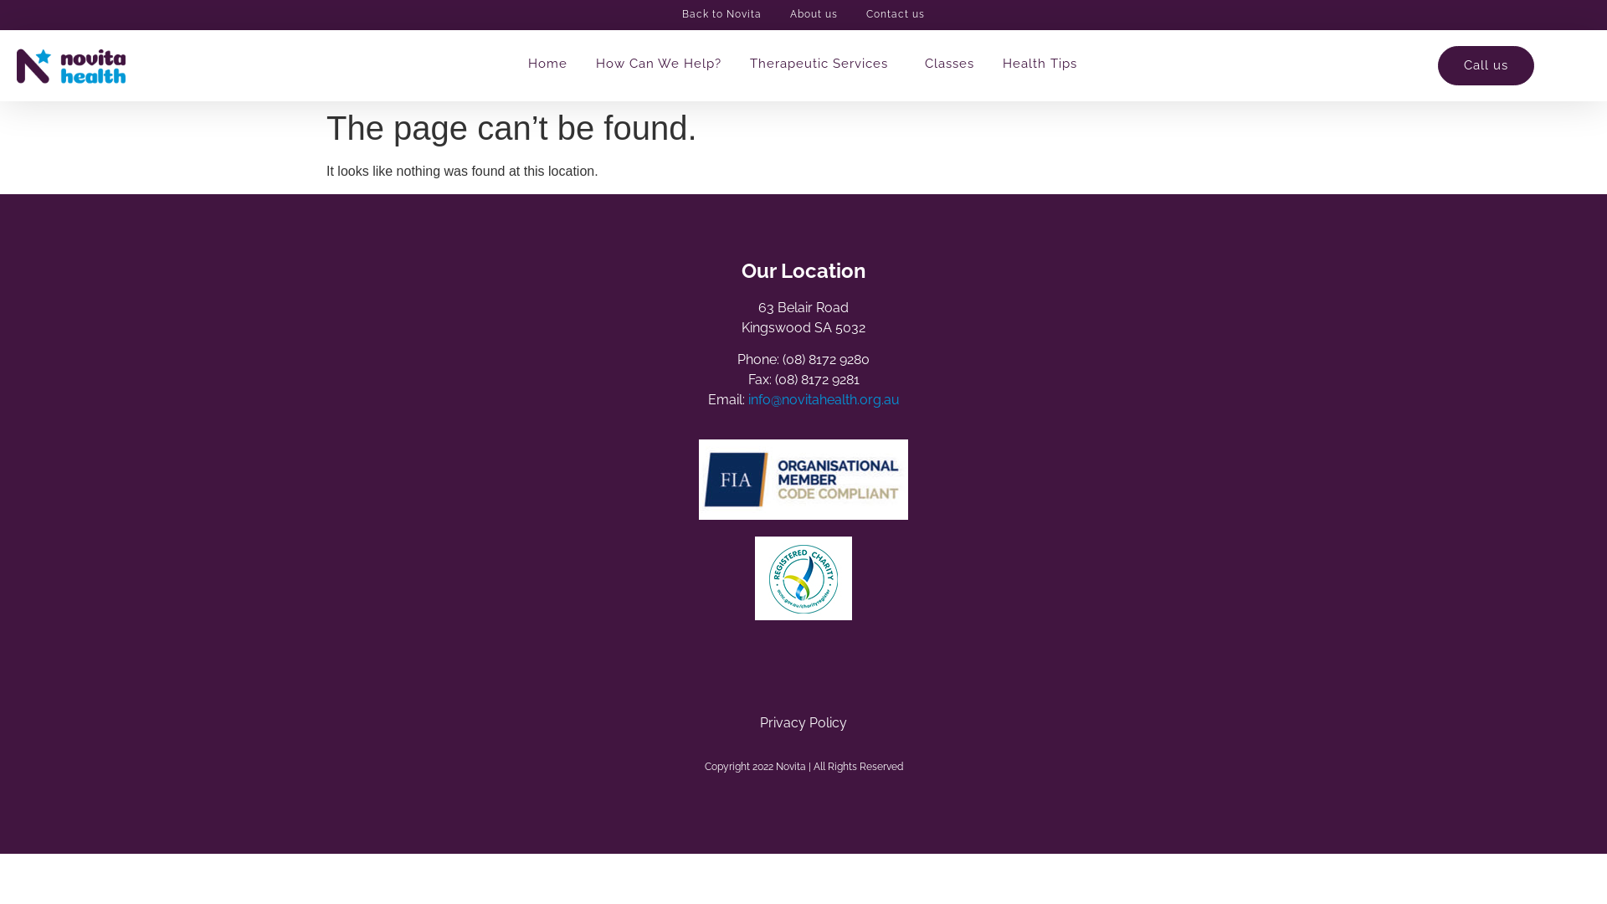  I want to click on 'ACNC_logo', so click(803, 577).